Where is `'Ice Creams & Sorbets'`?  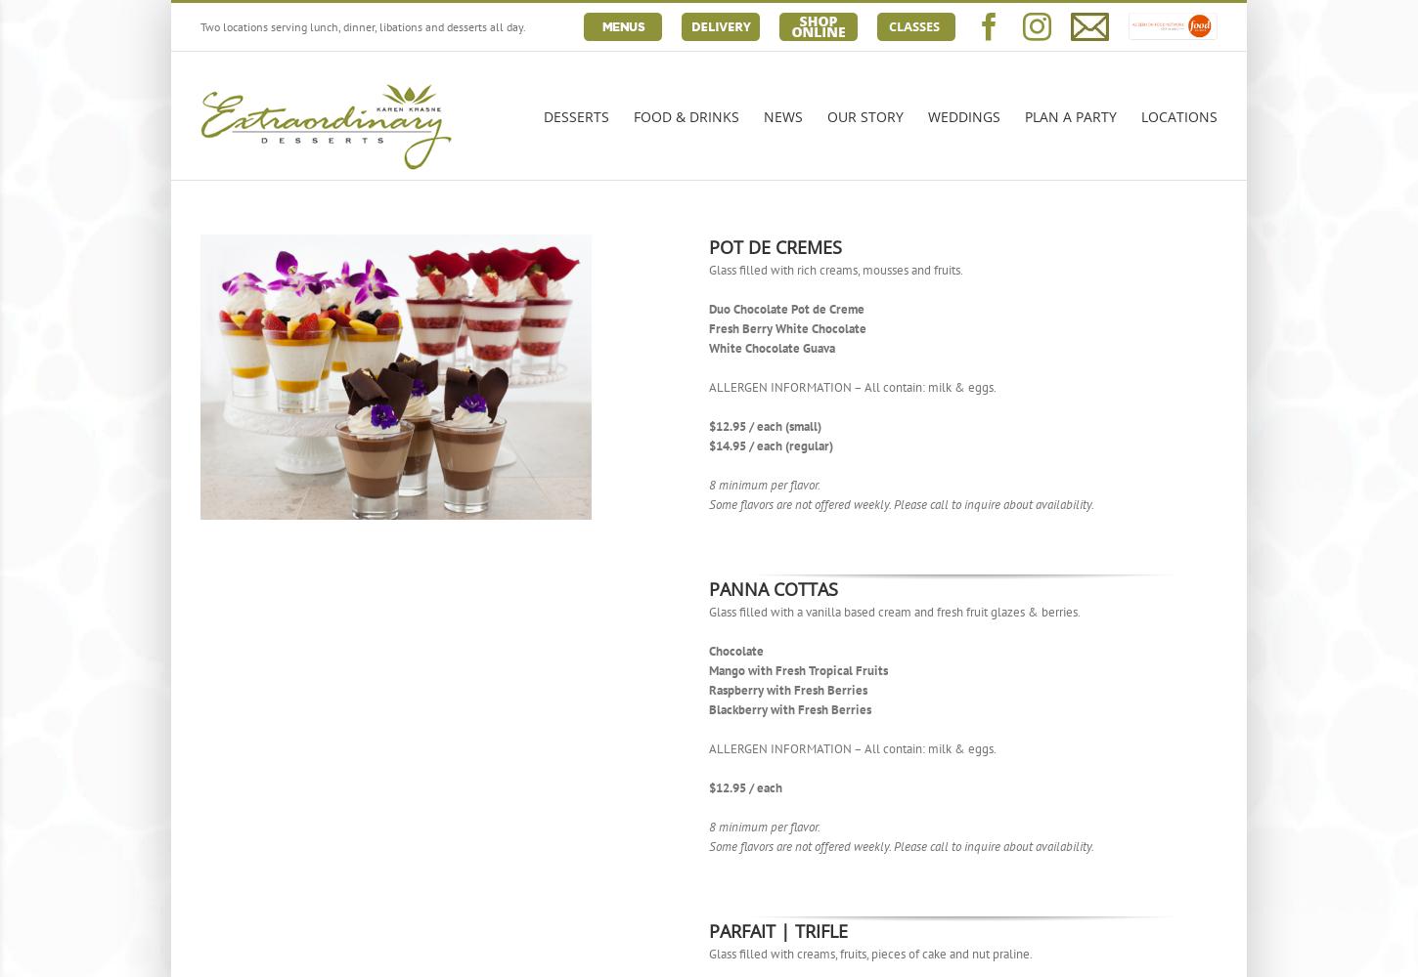
'Ice Creams & Sorbets' is located at coordinates (619, 404).